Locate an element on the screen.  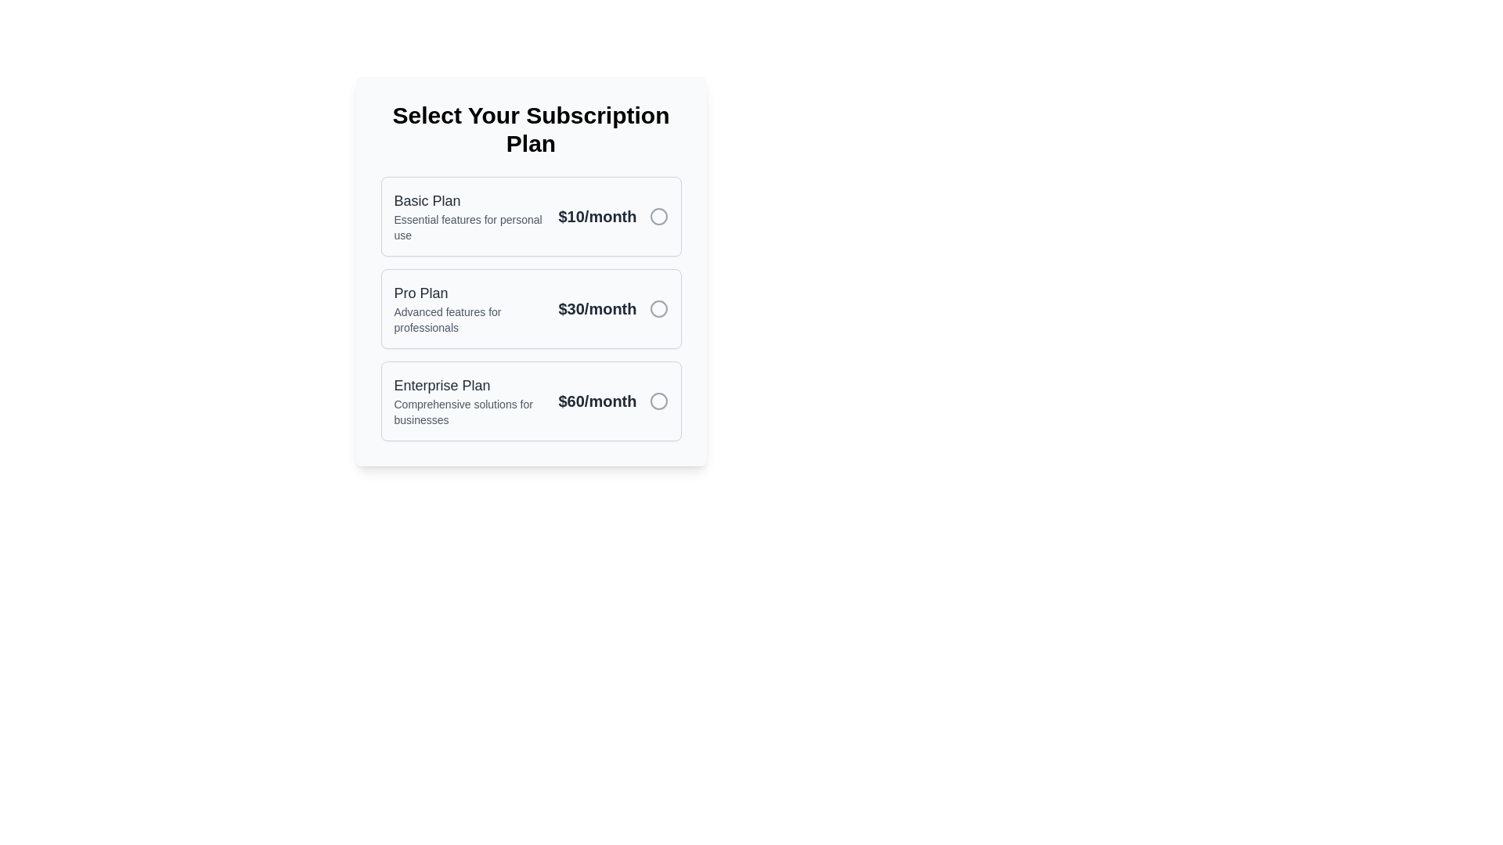
the text component displaying 'Essential features for personal use', which is positioned centrally below the 'Basic Plan' title in the subscription selection card is located at coordinates (469, 227).